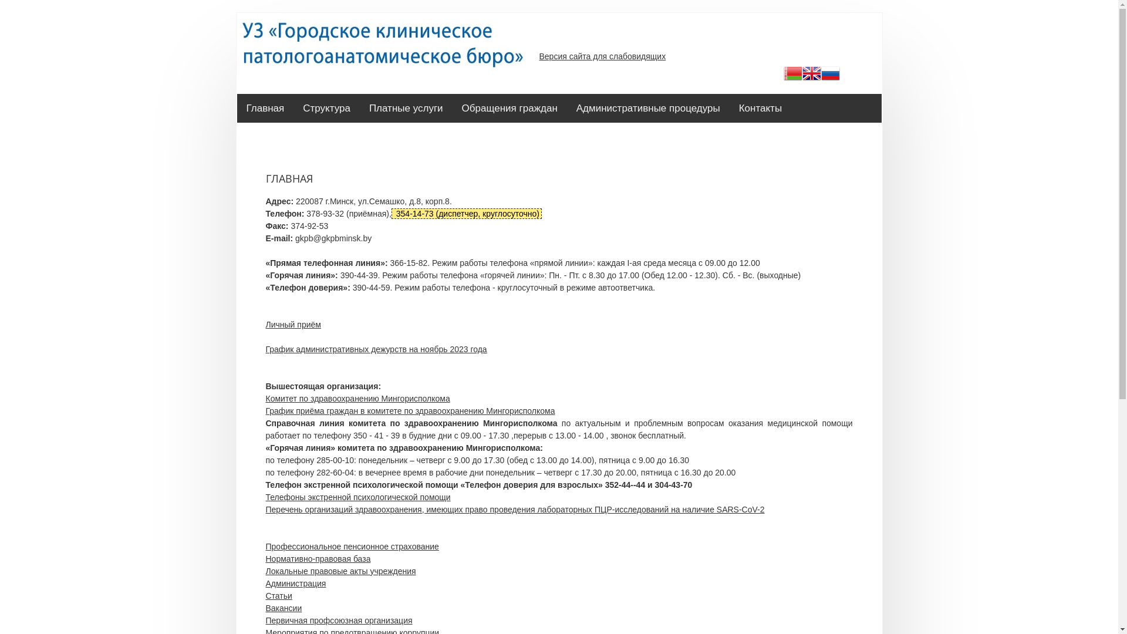  I want to click on 'English', so click(802, 75).